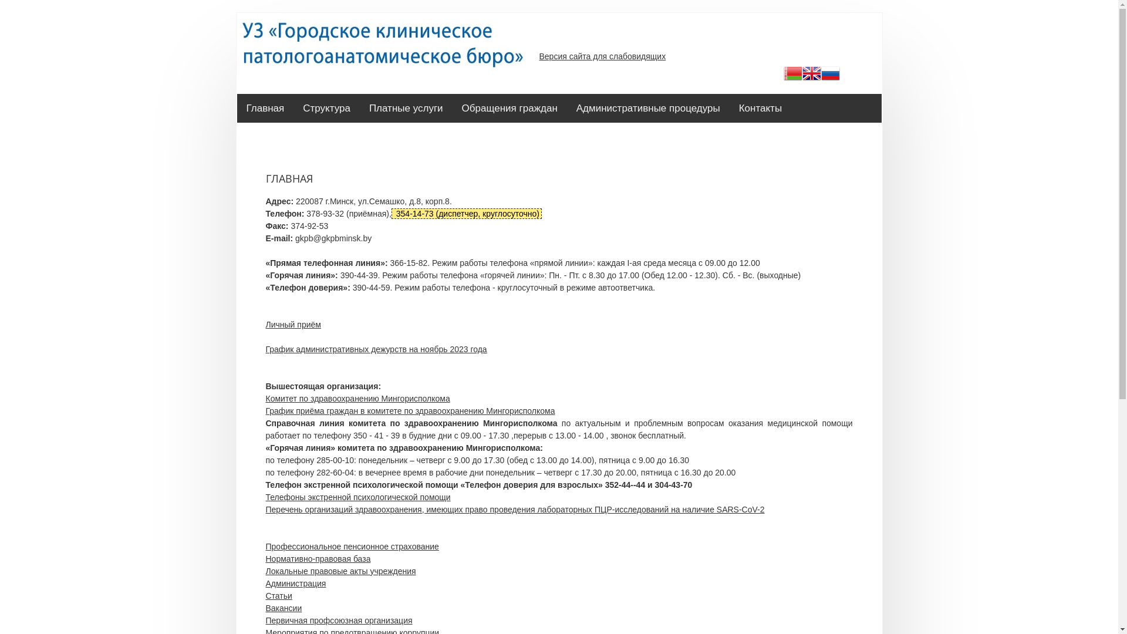  I want to click on 'English', so click(802, 75).